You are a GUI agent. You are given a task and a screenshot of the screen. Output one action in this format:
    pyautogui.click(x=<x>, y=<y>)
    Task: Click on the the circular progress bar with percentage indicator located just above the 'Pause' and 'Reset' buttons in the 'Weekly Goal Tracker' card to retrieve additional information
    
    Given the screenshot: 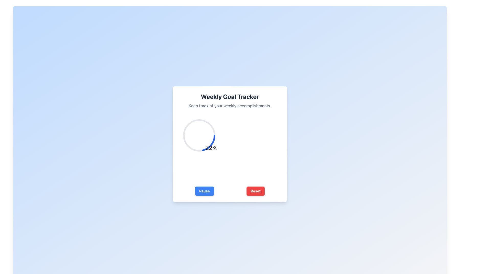 What is the action you would take?
    pyautogui.click(x=199, y=135)
    